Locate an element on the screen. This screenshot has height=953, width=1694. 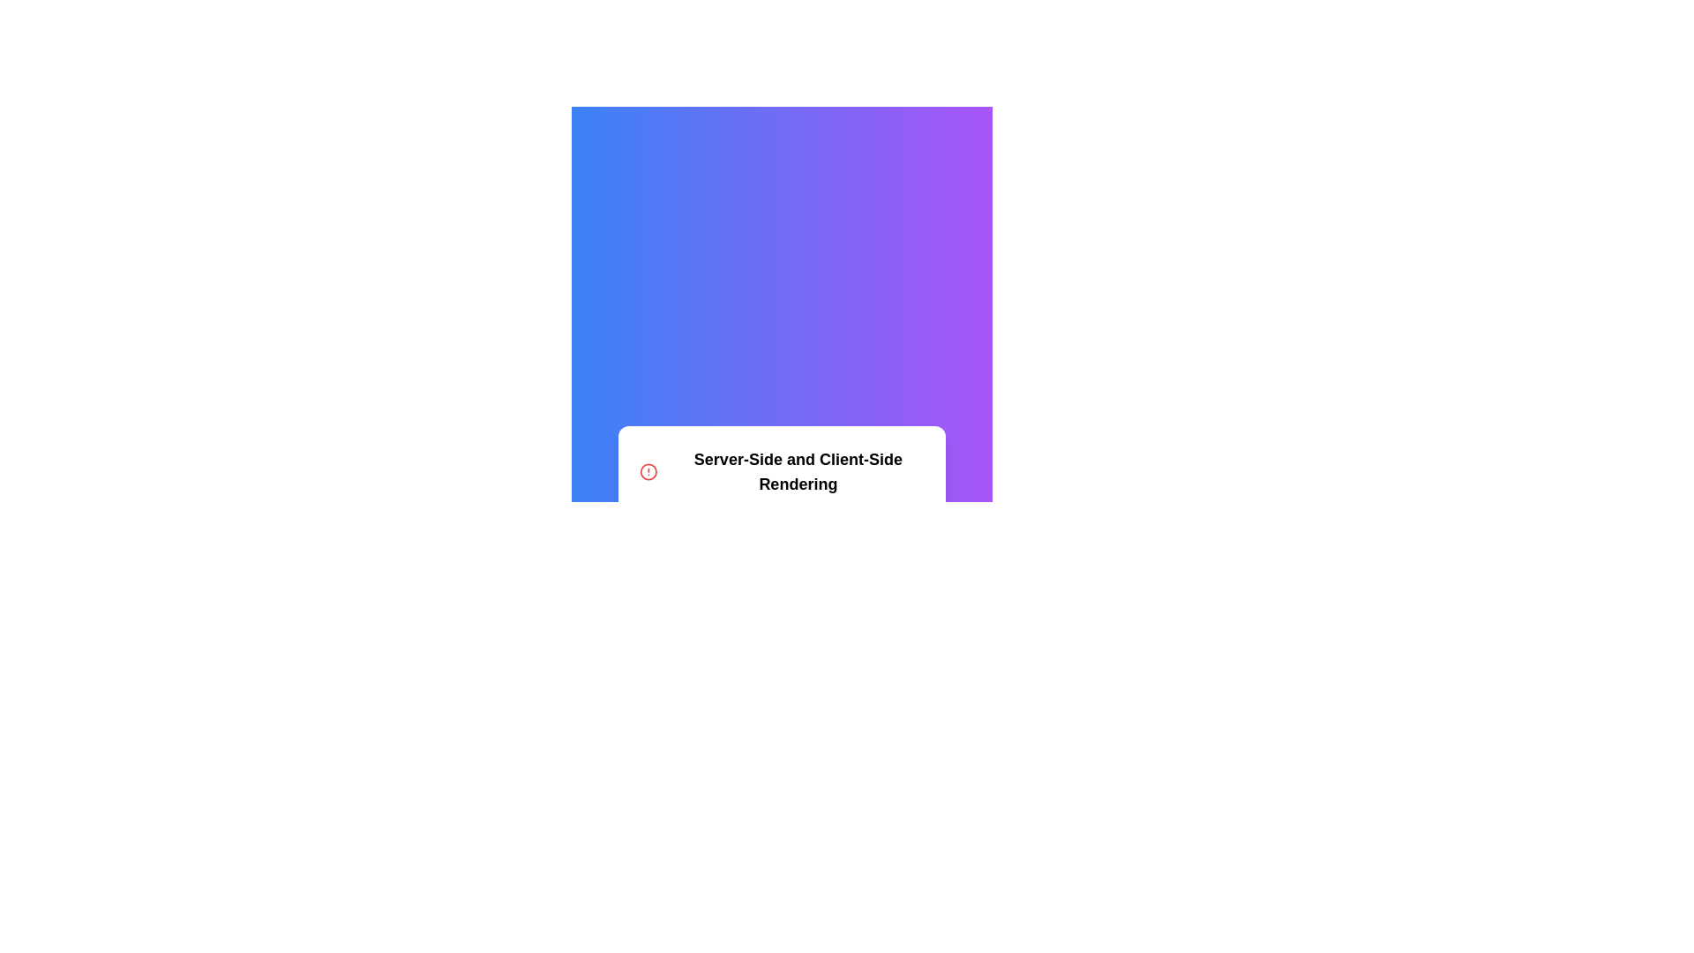
the alert icon located to the left of the text 'Server-Side and Client-Side Rendering.' is located at coordinates (648, 471).